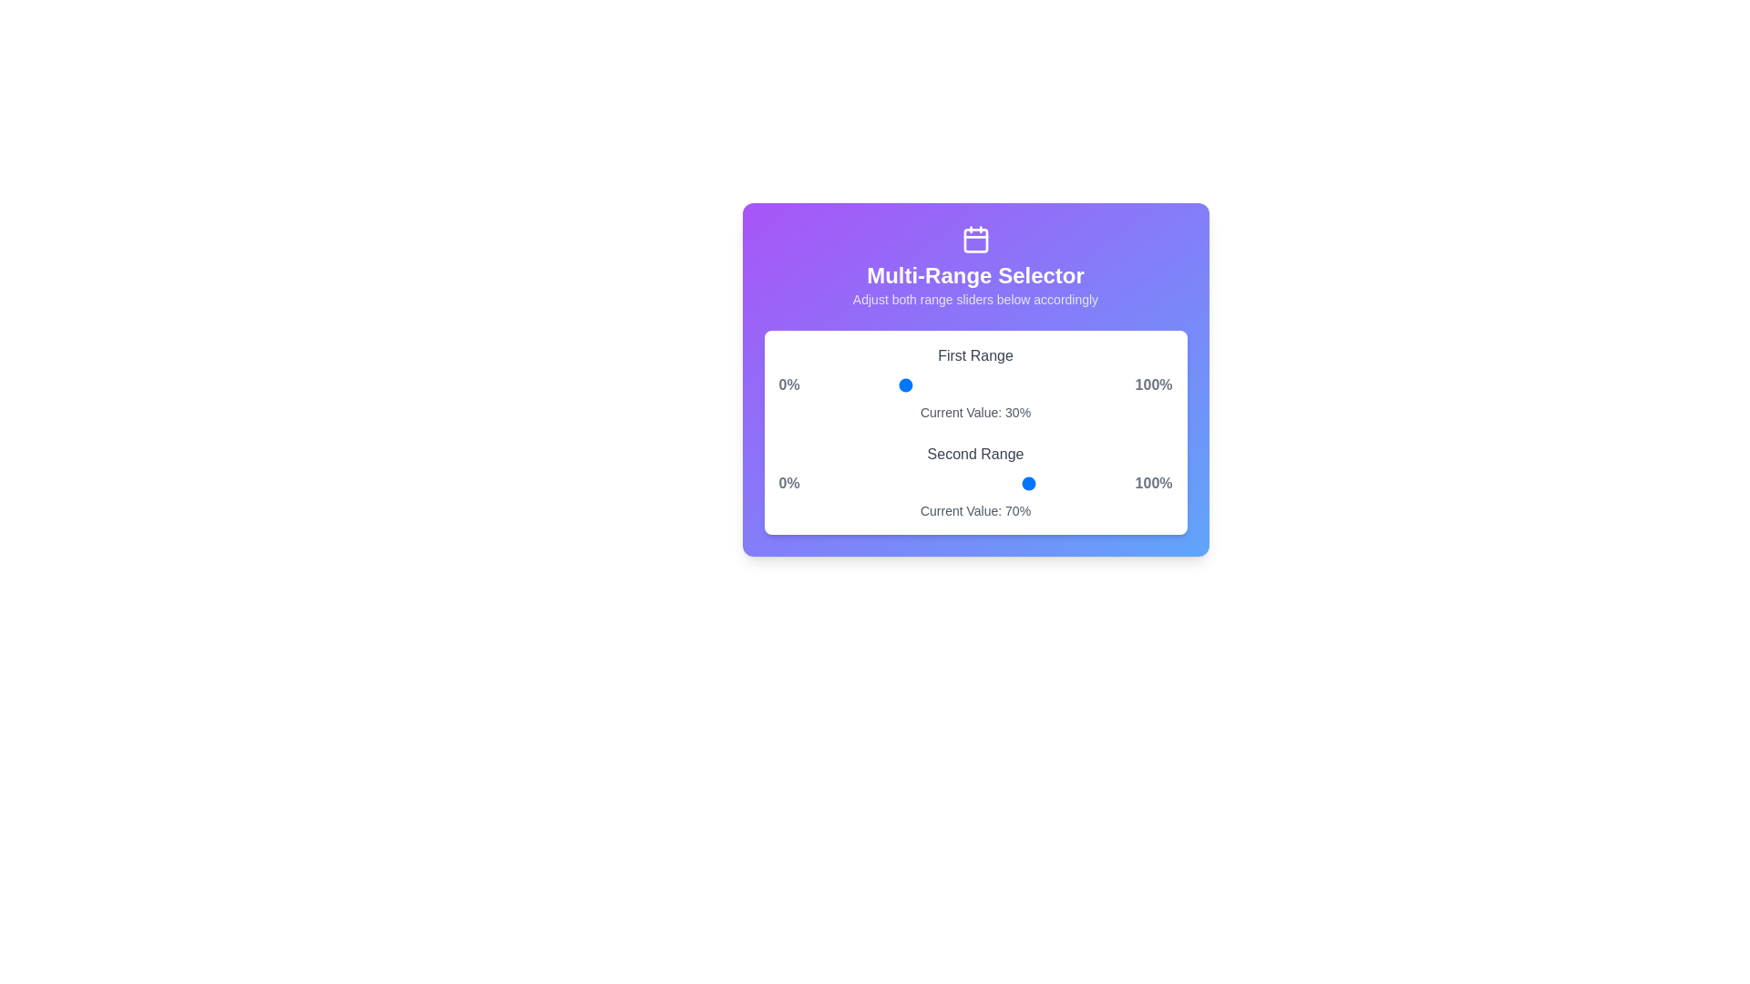  I want to click on the first range slider value, so click(1017, 384).